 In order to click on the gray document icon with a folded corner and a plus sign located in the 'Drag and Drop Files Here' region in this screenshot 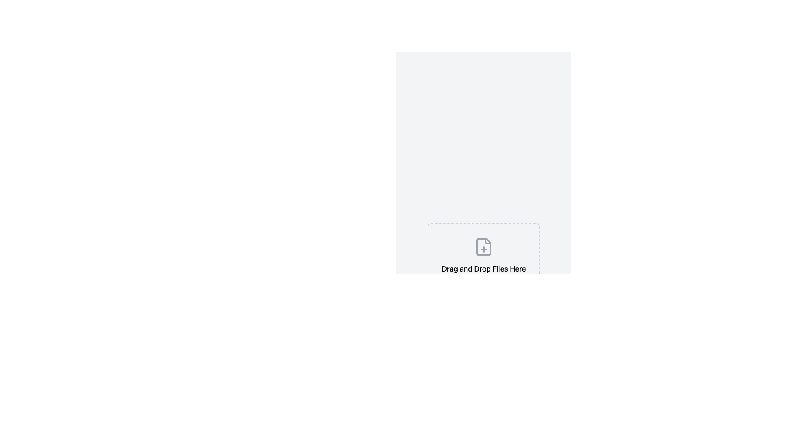, I will do `click(484, 246)`.